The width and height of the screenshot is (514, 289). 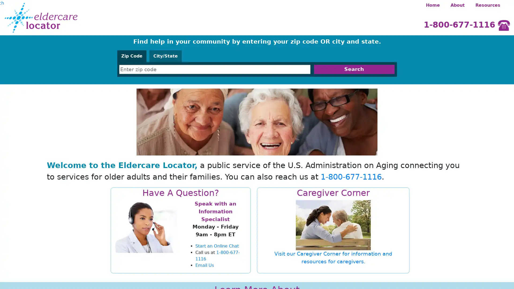 What do you see at coordinates (354, 69) in the screenshot?
I see `Search` at bounding box center [354, 69].